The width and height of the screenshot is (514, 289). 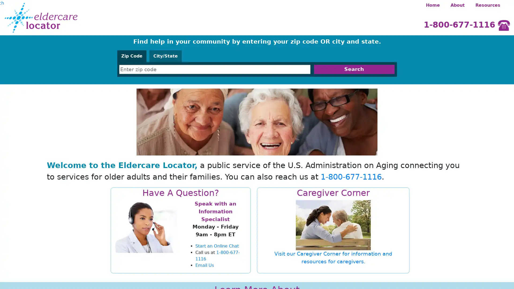 What do you see at coordinates (354, 69) in the screenshot?
I see `Search` at bounding box center [354, 69].